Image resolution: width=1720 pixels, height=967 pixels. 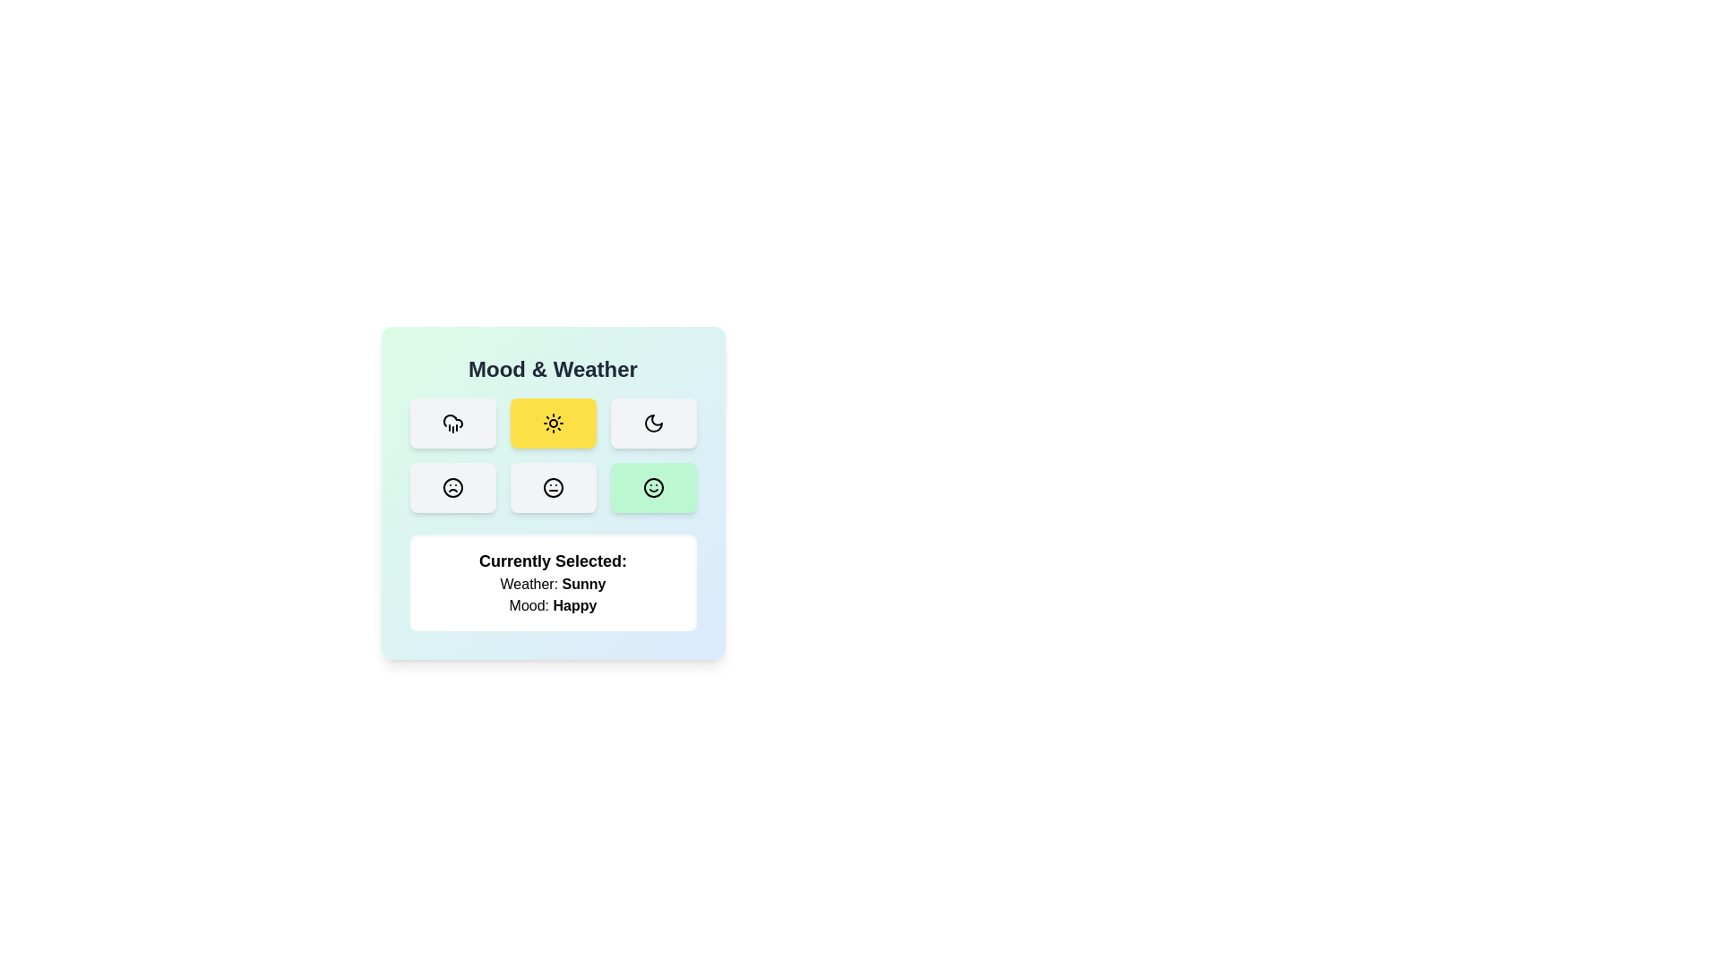 What do you see at coordinates (452, 424) in the screenshot?
I see `the cloud with rain icon in the 'Mood & Weather' section` at bounding box center [452, 424].